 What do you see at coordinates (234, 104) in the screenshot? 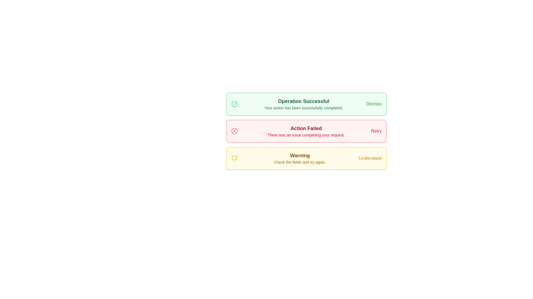
I see `the outer circular arc of the checkmark icon, which has a green stroke and is located to the left of the 'Operation Successful' message in the green notification bar` at bounding box center [234, 104].